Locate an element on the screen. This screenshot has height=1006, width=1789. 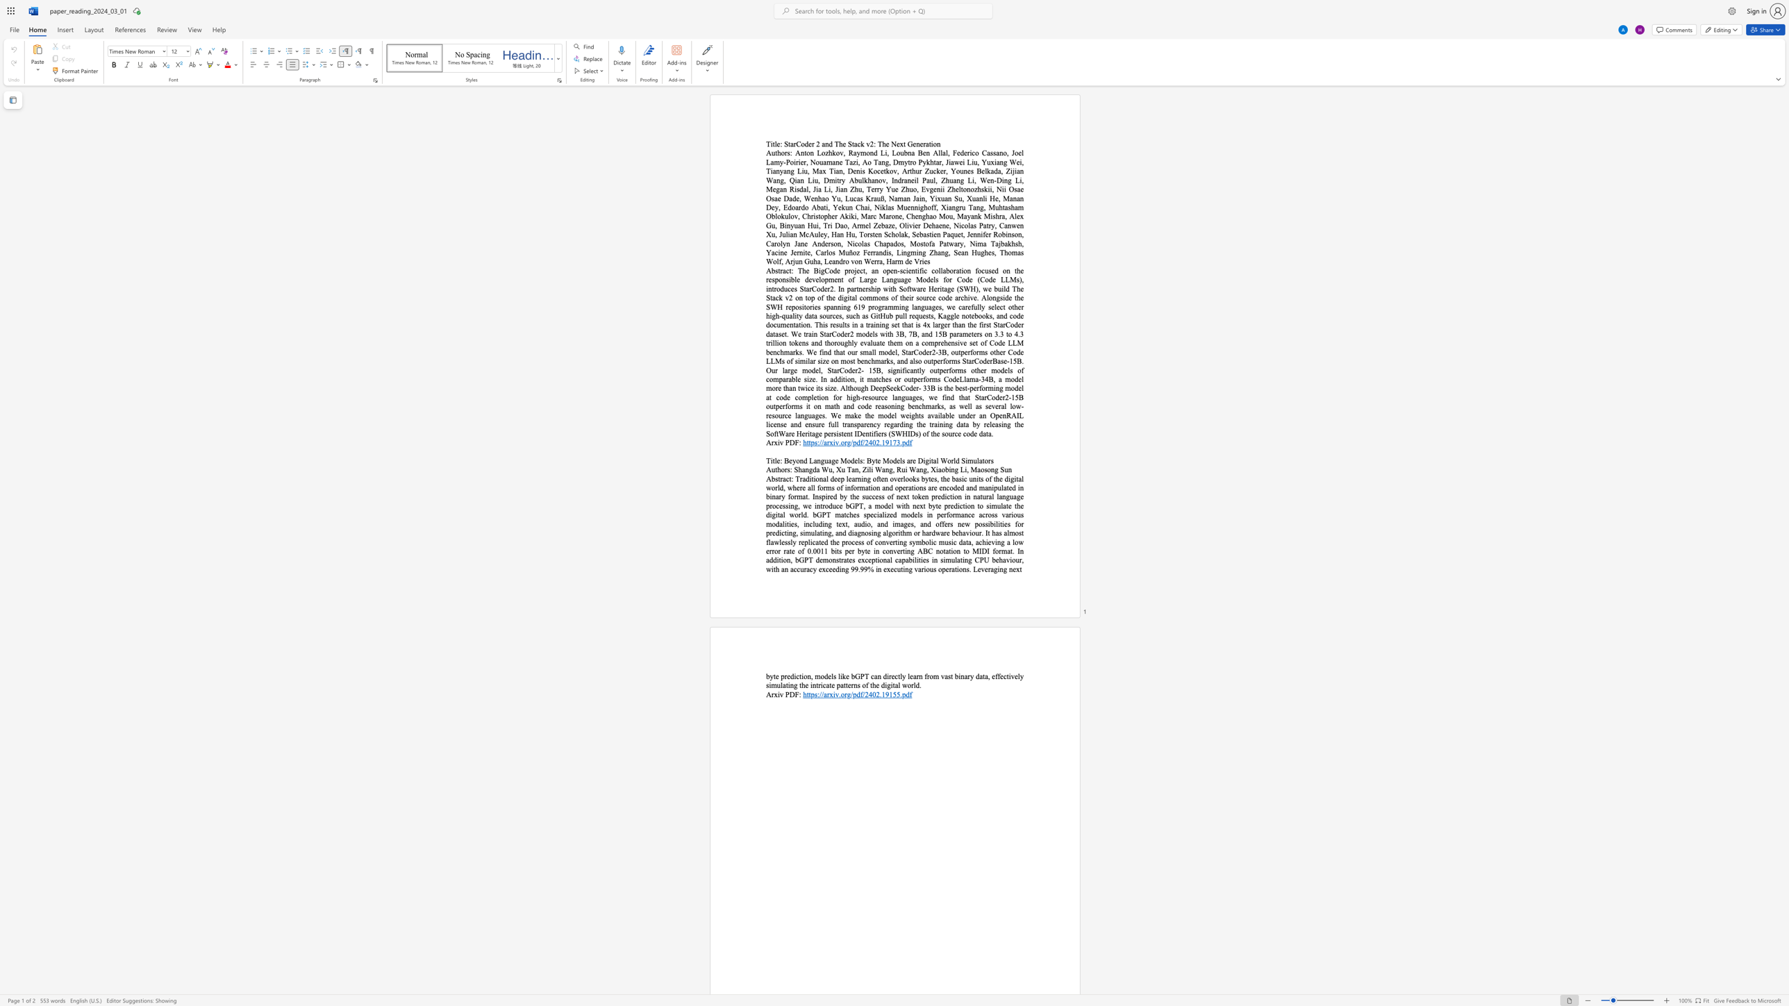
the subset text "rg/p" within the text "https://arxiv.org/pdf/2402.19155.pdf" is located at coordinates (844, 694).